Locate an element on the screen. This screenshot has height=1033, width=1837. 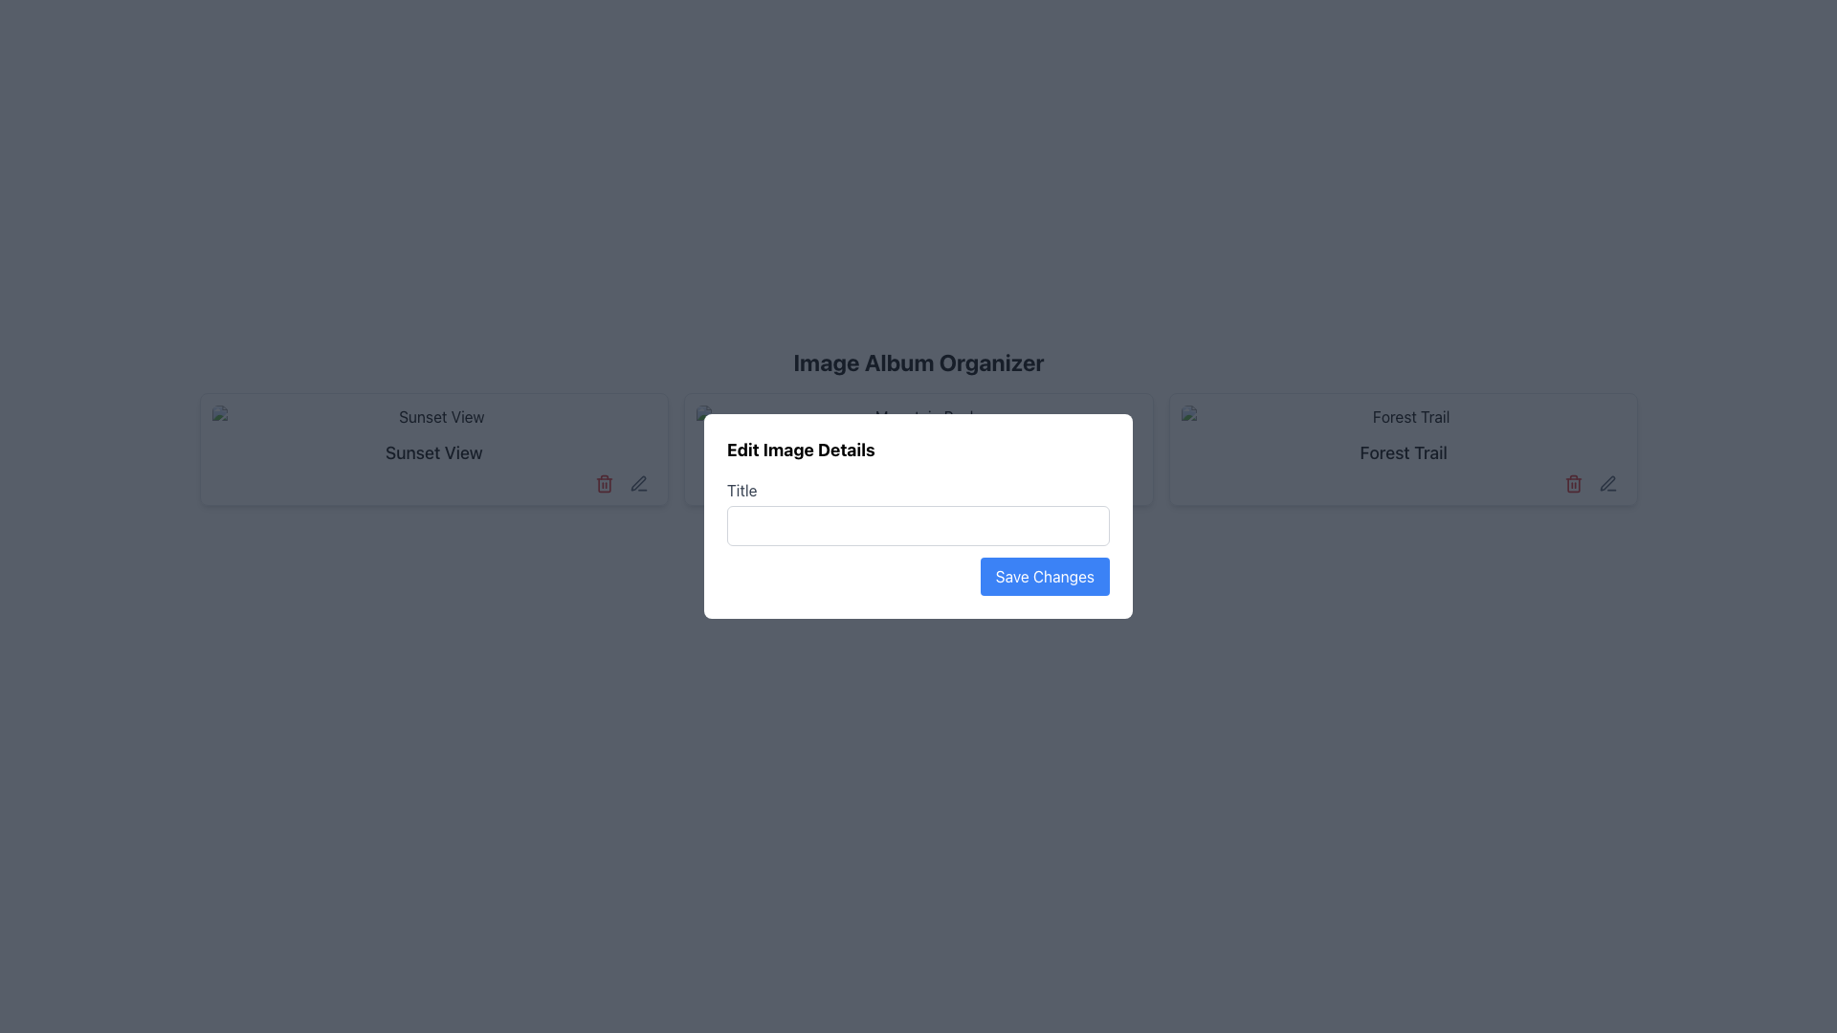
the 'Save Changes' button located at the bottom-right corner of the 'Edit Image Details' modal using keyboard navigation is located at coordinates (918, 575).